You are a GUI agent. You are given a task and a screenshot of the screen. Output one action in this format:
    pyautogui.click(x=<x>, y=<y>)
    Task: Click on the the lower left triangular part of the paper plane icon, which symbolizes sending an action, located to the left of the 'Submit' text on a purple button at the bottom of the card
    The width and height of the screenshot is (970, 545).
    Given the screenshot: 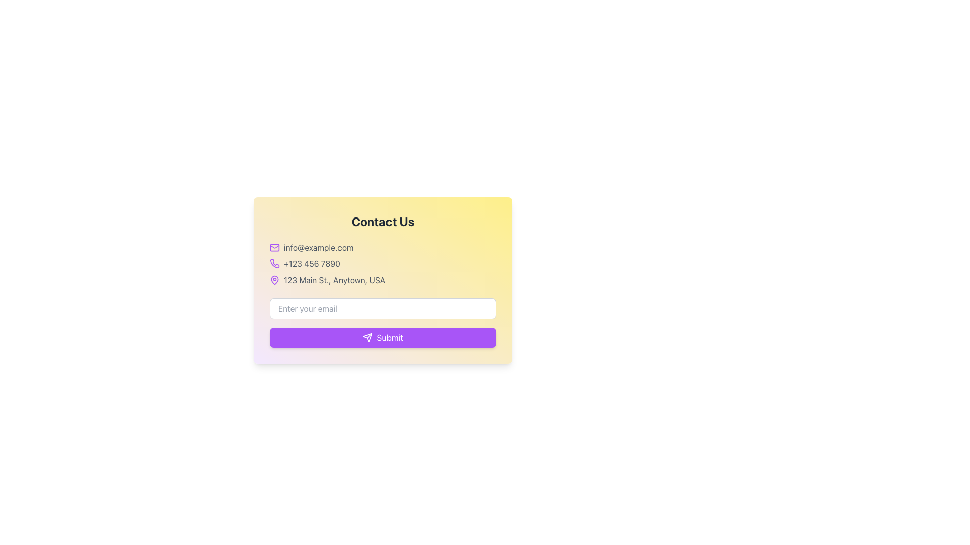 What is the action you would take?
    pyautogui.click(x=367, y=337)
    